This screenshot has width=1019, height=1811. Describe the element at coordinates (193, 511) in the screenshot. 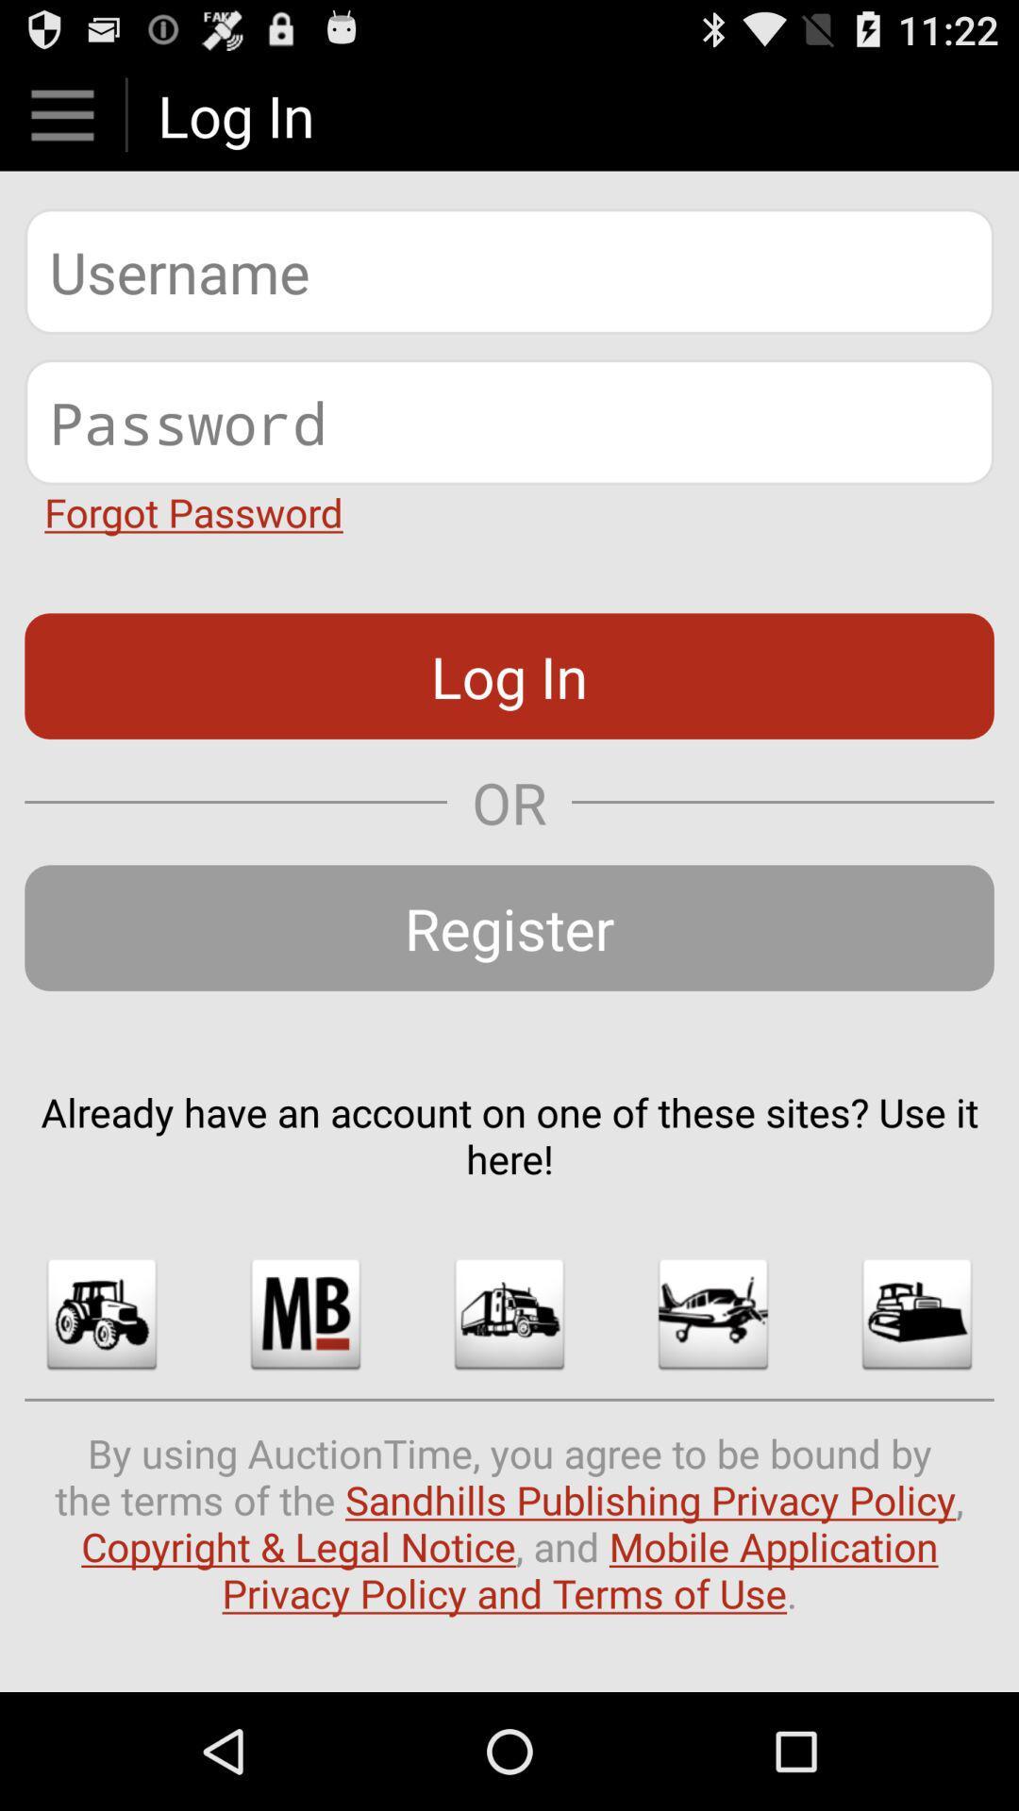

I see `forgot password item` at that location.